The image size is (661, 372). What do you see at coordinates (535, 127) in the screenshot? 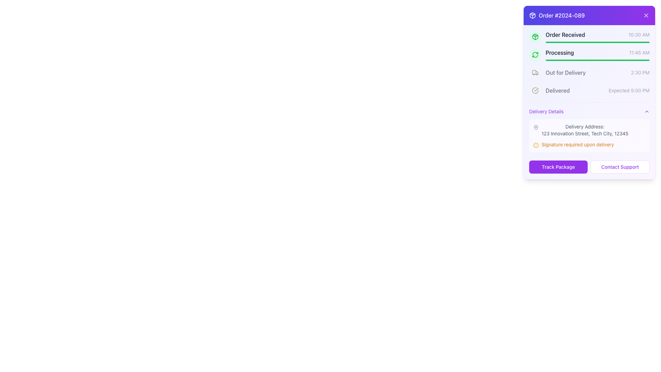
I see `the small gray map pin icon located in the 'Delivery Details' section, which is positioned to the left of the delivery address text` at bounding box center [535, 127].